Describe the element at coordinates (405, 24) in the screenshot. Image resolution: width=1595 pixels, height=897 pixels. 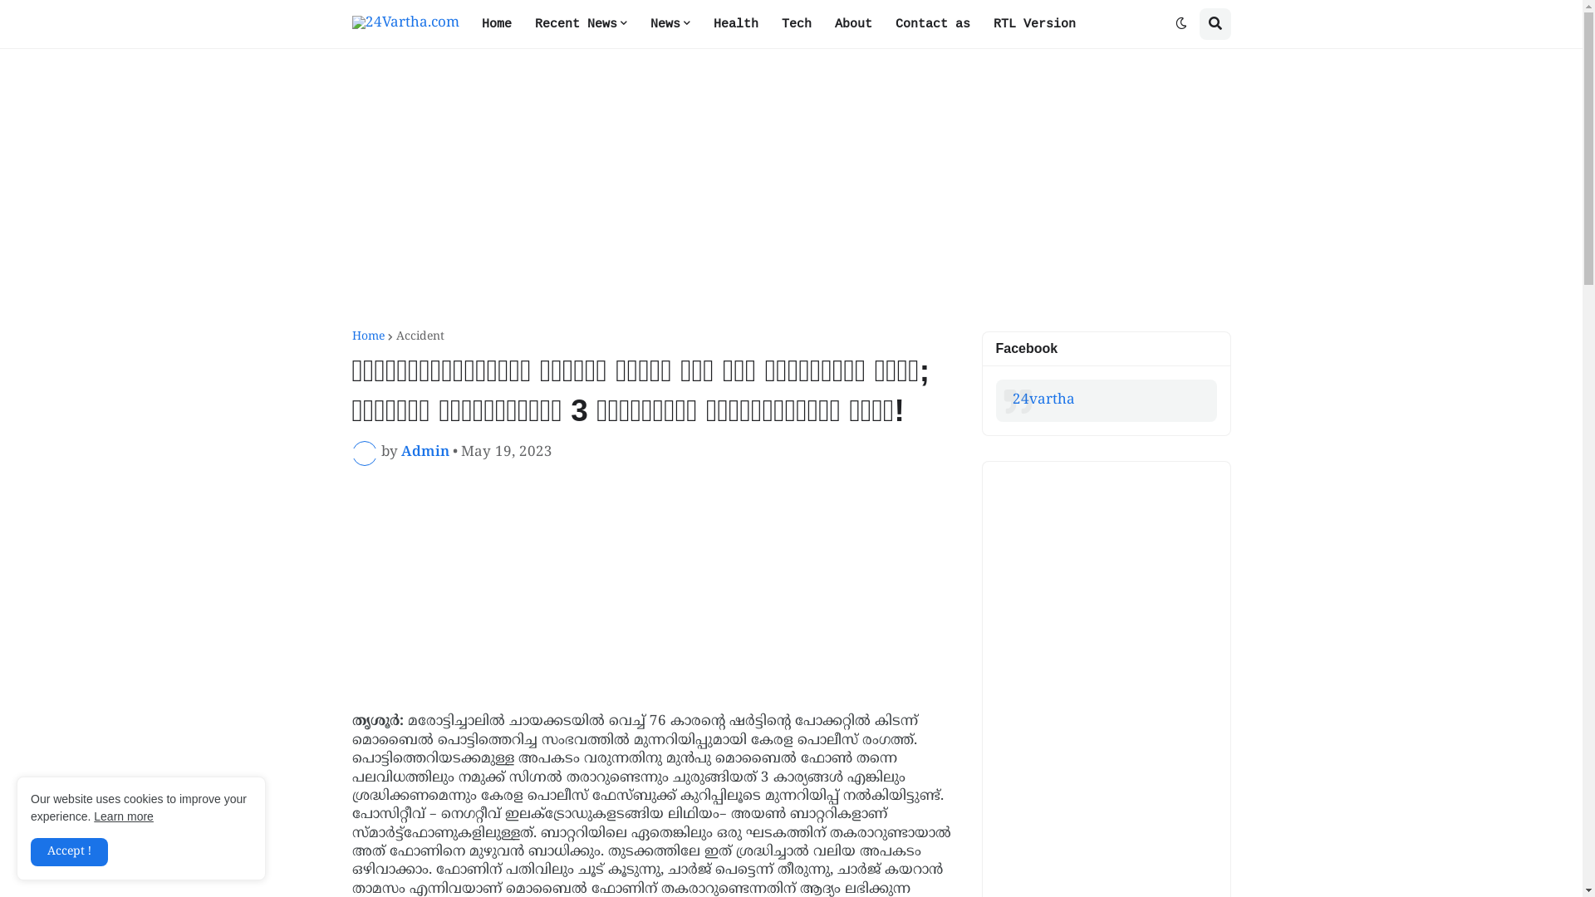
I see `'24Vartha.com'` at that location.